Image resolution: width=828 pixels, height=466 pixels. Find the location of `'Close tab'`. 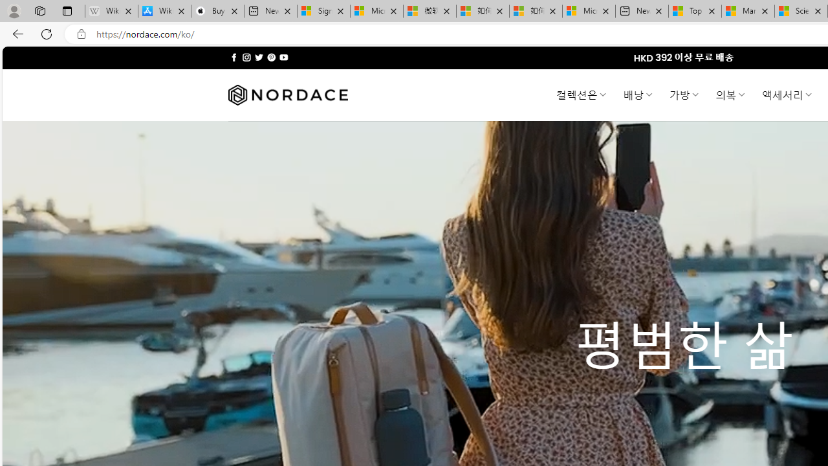

'Close tab' is located at coordinates (817, 11).